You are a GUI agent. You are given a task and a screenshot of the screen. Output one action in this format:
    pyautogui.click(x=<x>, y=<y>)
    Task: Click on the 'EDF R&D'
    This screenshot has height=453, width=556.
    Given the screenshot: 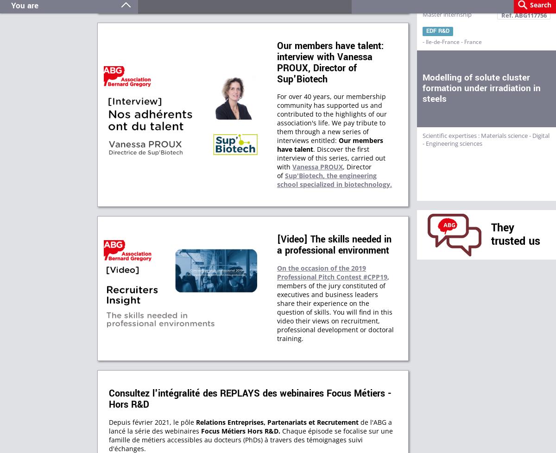 What is the action you would take?
    pyautogui.click(x=438, y=31)
    